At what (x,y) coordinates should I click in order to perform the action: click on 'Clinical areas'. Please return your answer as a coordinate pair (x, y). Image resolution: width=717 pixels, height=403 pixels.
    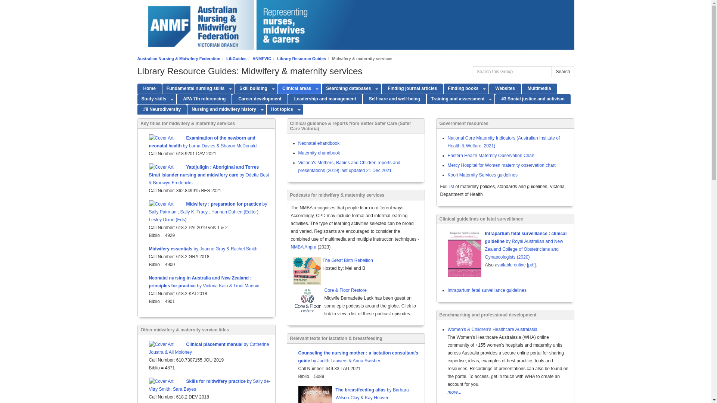
    Looking at the image, I should click on (295, 88).